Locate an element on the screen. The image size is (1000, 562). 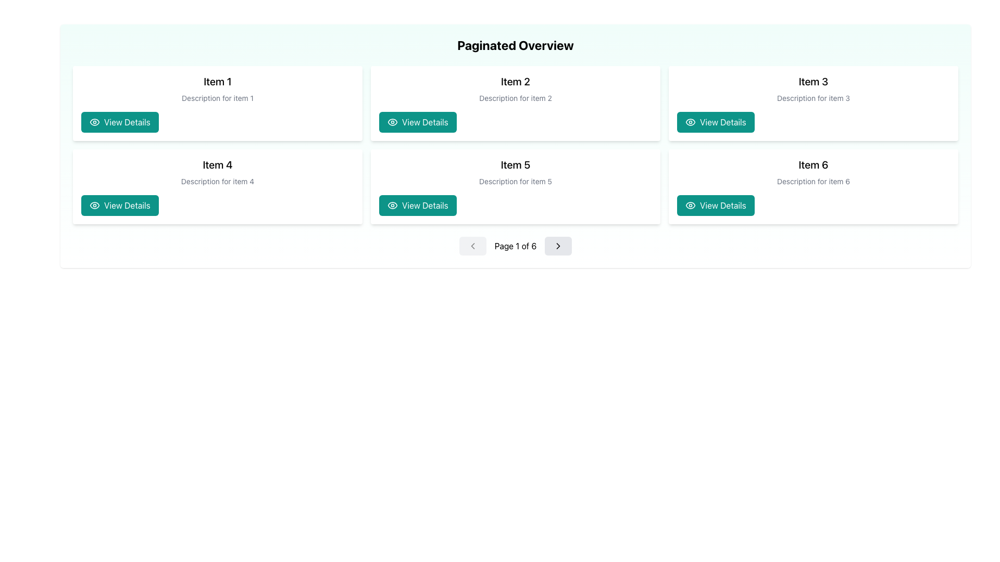
the text label displaying 'Description for item 5', which is a small gray text label positioned centrally below the main title 'Item 5' and above the 'View Details' button in the card for the fifth item is located at coordinates (515, 181).